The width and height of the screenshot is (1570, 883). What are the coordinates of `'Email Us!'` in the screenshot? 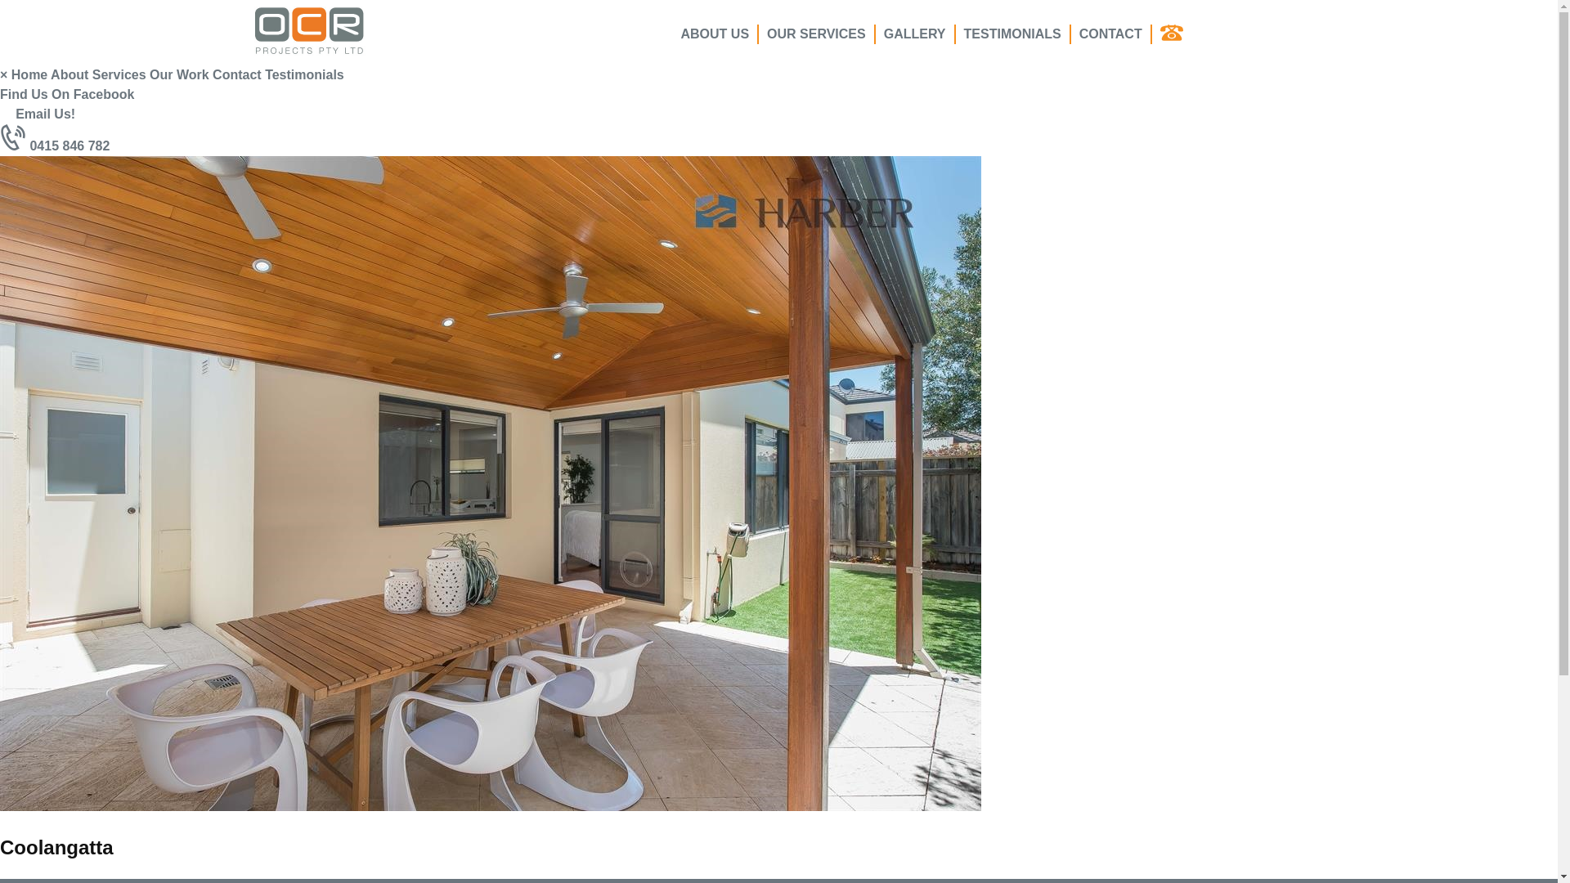 It's located at (38, 113).